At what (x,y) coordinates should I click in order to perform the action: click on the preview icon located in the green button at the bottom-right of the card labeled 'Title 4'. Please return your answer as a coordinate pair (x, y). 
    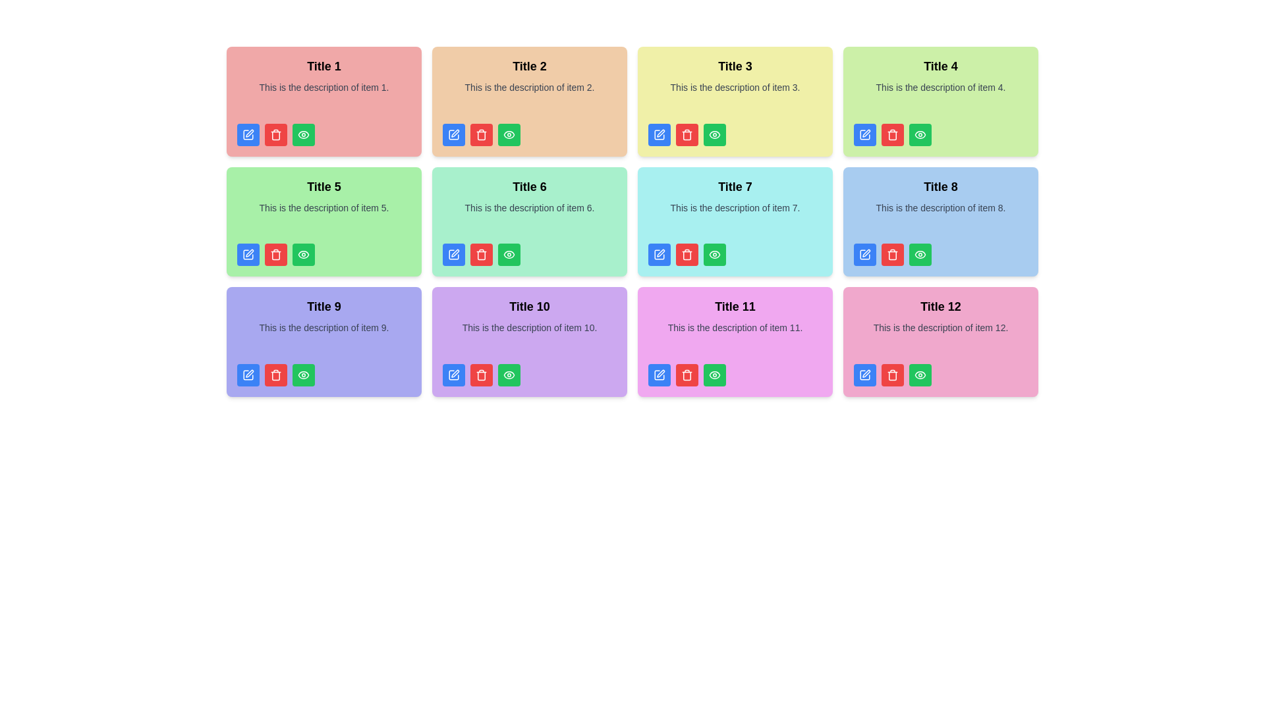
    Looking at the image, I should click on (919, 134).